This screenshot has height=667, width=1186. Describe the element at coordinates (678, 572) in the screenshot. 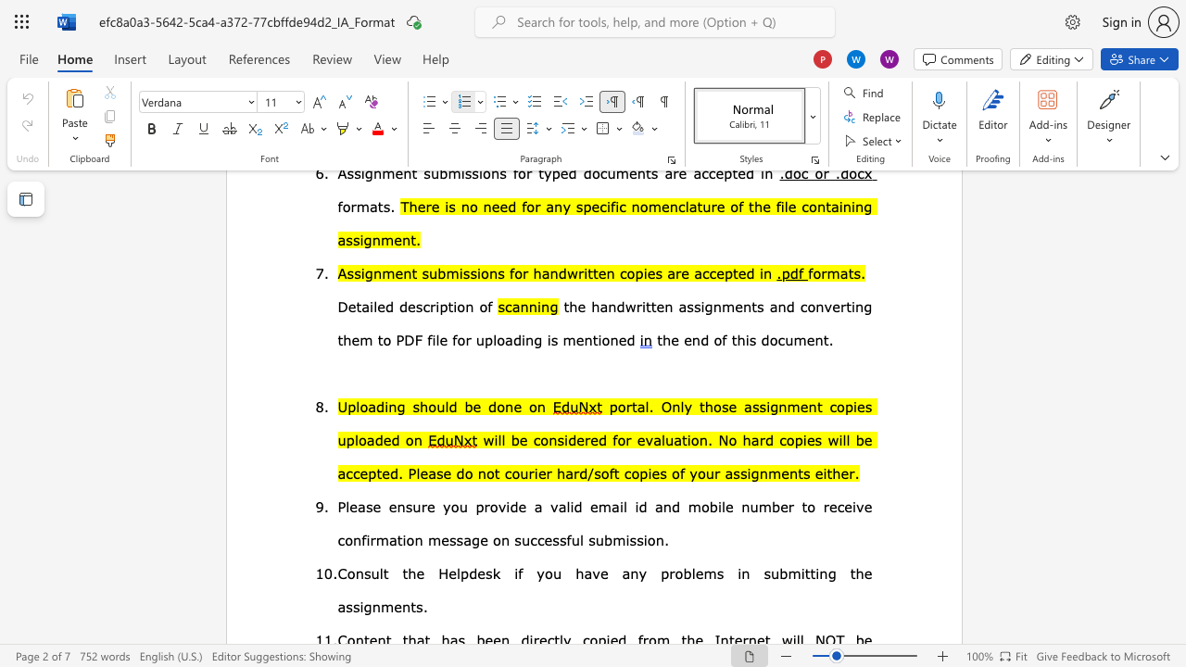

I see `the 3th character "o" in the text` at that location.